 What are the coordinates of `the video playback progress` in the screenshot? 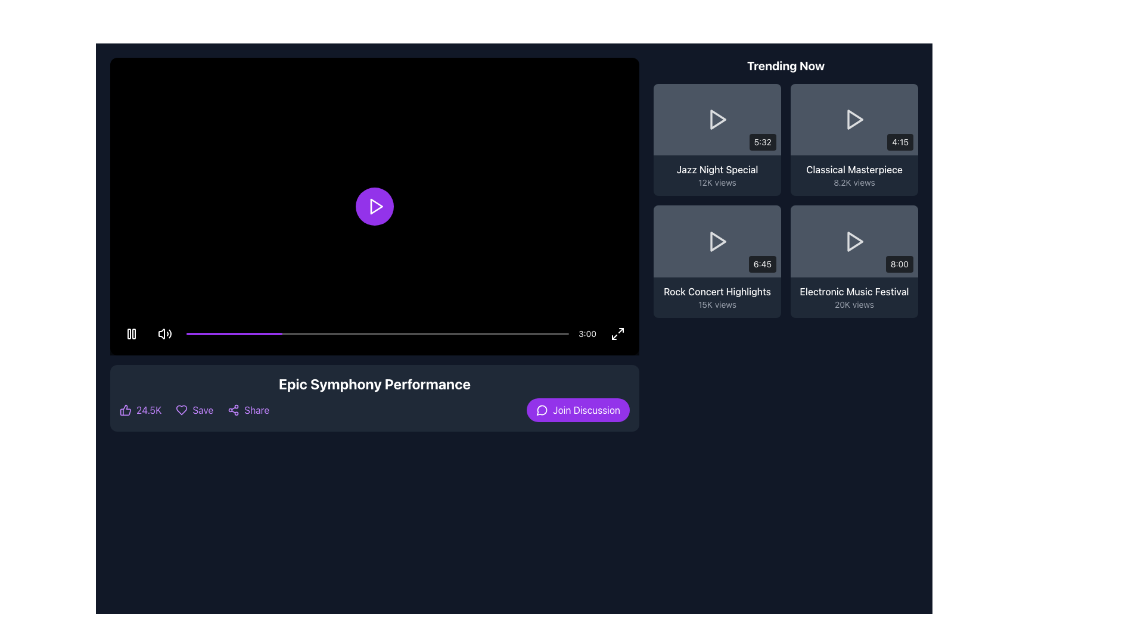 It's located at (534, 333).